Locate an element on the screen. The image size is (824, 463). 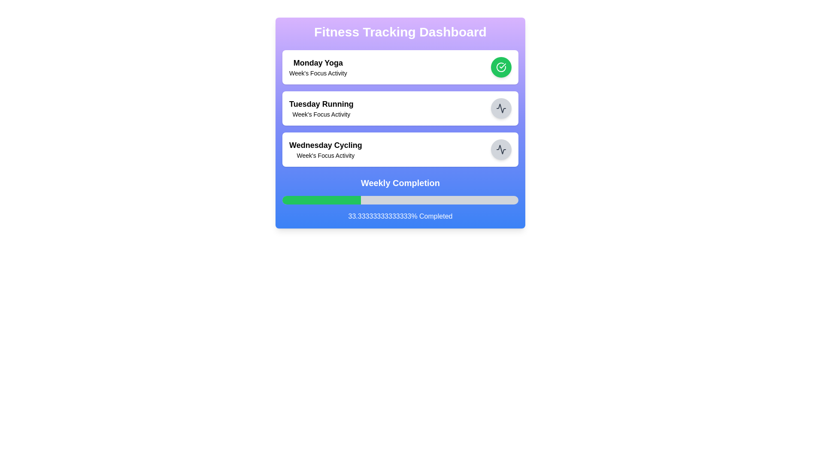
the circular checkmark icon inside the green circle located in the dashboard card for 'Monday Yoga' is located at coordinates (501, 67).